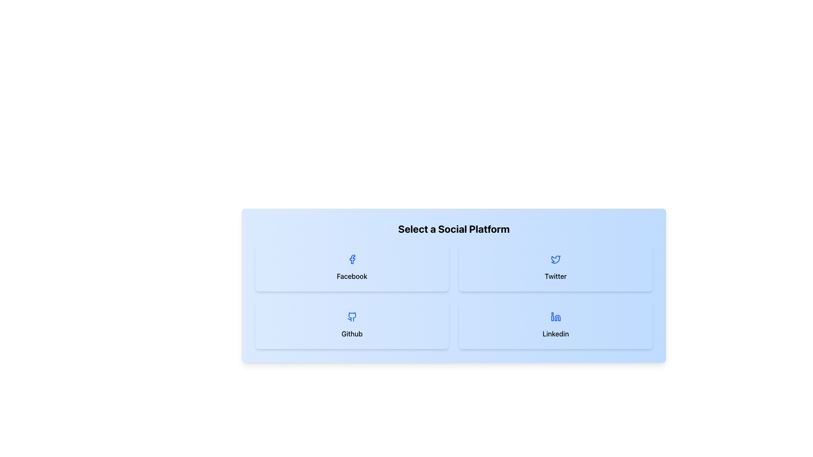  I want to click on the Twitter selection card in the second column of the first row of the grid, so click(556, 267).